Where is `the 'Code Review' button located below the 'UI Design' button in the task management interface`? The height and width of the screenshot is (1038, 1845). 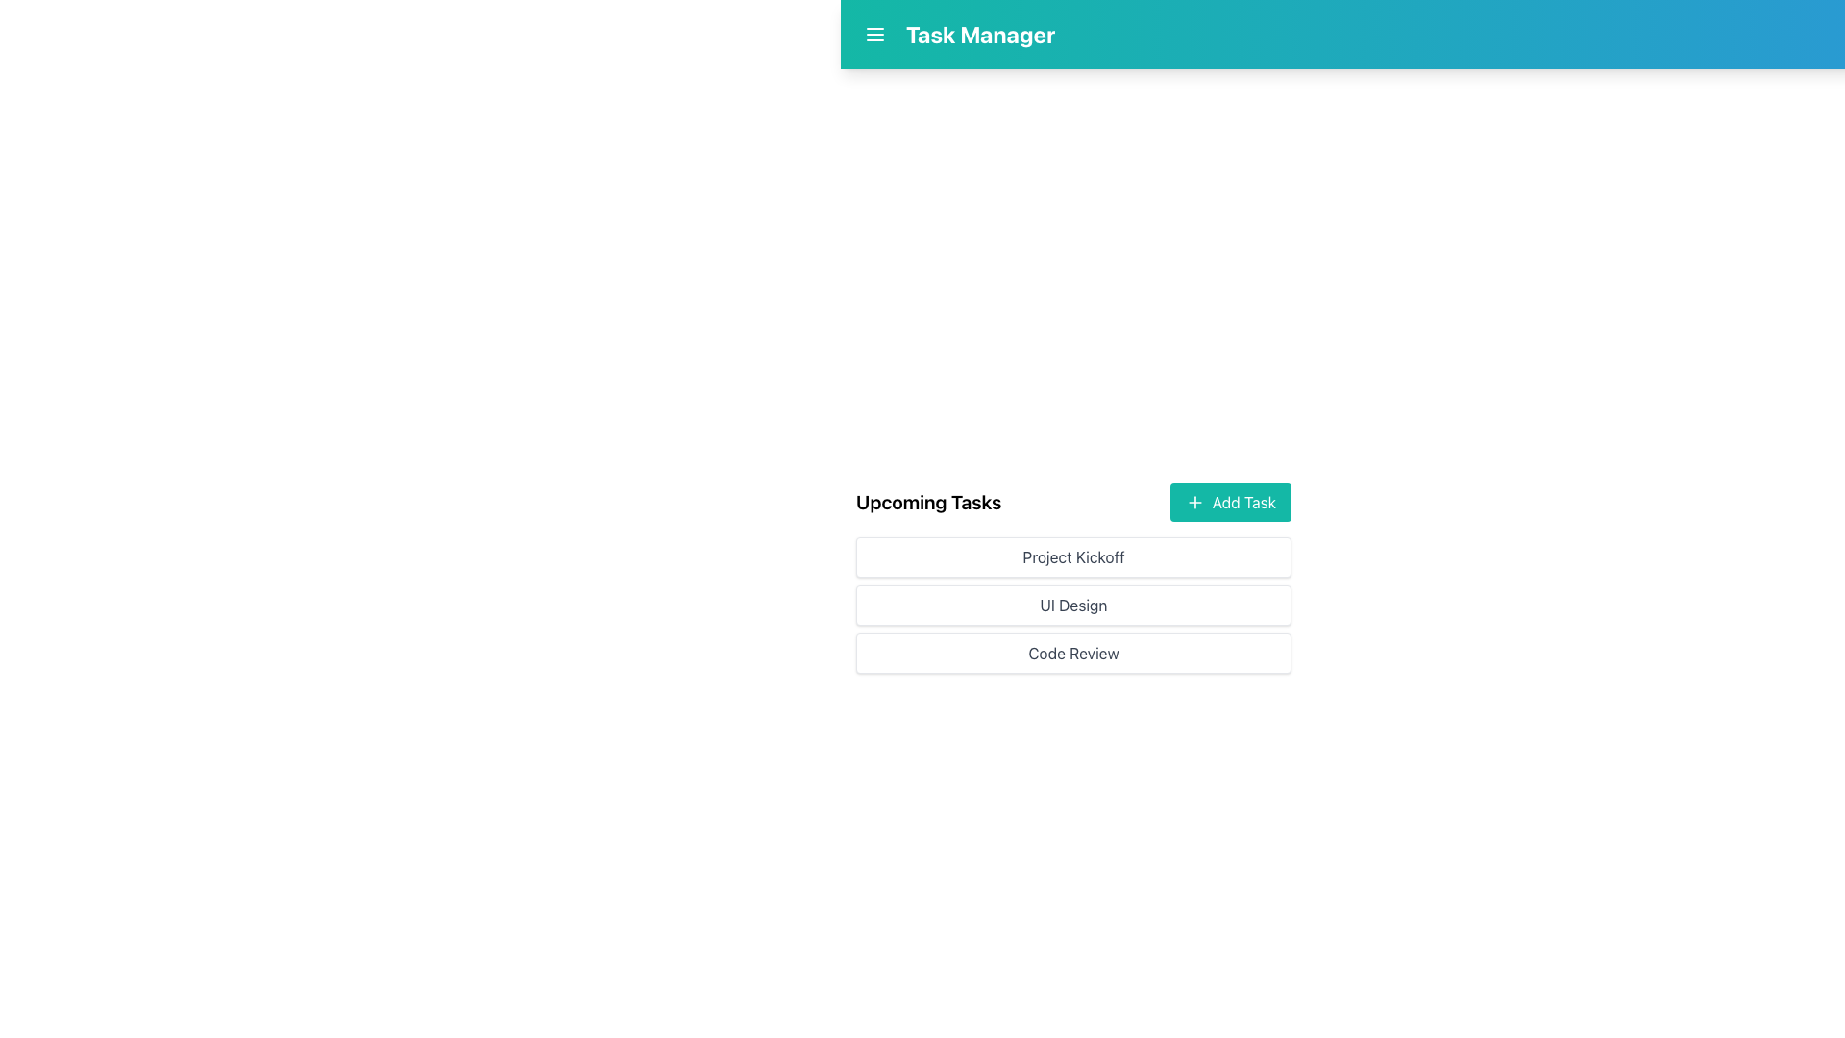 the 'Code Review' button located below the 'UI Design' button in the task management interface is located at coordinates (1072, 652).